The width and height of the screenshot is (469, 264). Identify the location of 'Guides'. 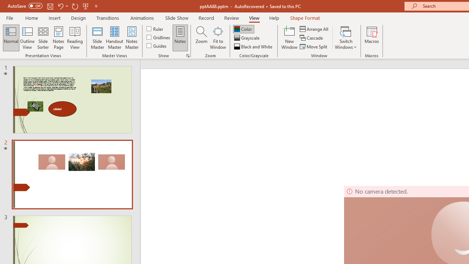
(156, 45).